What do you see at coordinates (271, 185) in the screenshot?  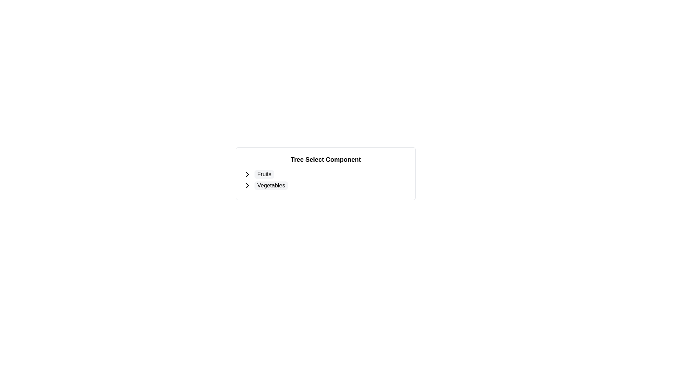 I see `the 'Vegetables' label in the Tree Select Component` at bounding box center [271, 185].